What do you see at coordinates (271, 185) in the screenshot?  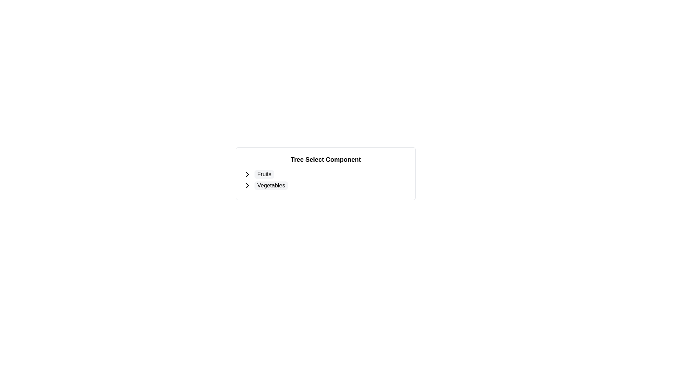 I see `the 'Vegetables' label in the Tree Select Component` at bounding box center [271, 185].